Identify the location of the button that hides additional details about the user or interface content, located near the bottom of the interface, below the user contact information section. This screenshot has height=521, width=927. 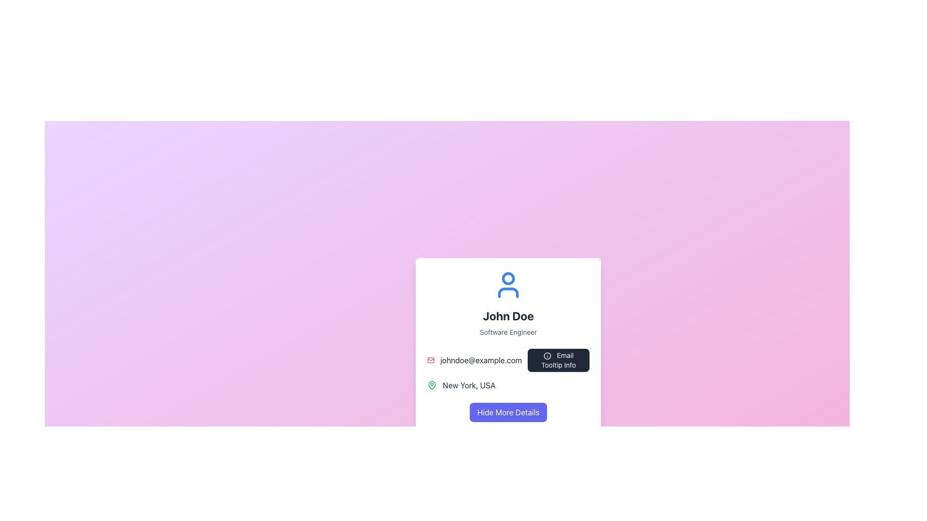
(507, 412).